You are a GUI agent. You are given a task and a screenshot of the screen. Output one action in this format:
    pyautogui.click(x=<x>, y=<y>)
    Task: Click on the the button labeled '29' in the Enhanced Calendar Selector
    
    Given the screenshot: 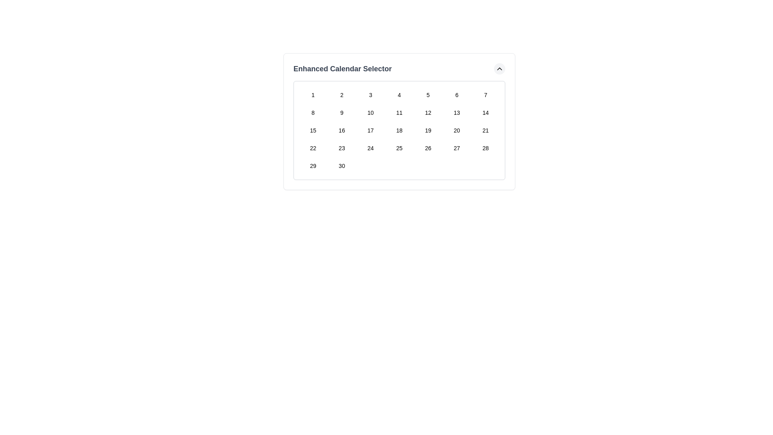 What is the action you would take?
    pyautogui.click(x=312, y=166)
    